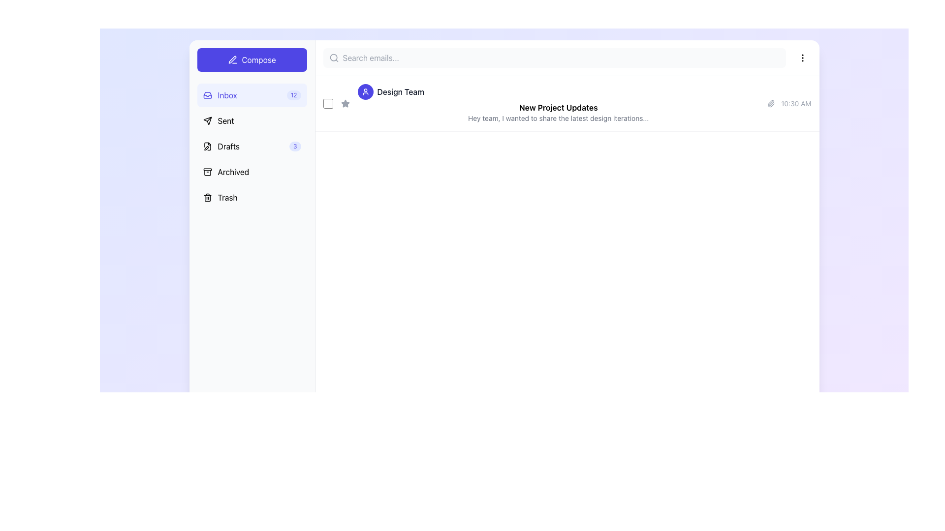 This screenshot has width=945, height=531. Describe the element at coordinates (218, 120) in the screenshot. I see `the 'Sent' navigation link, which is styled with a paper plane icon and is located in the left-hand navigation panel below 'Inbox' and above 'Drafts'` at that location.